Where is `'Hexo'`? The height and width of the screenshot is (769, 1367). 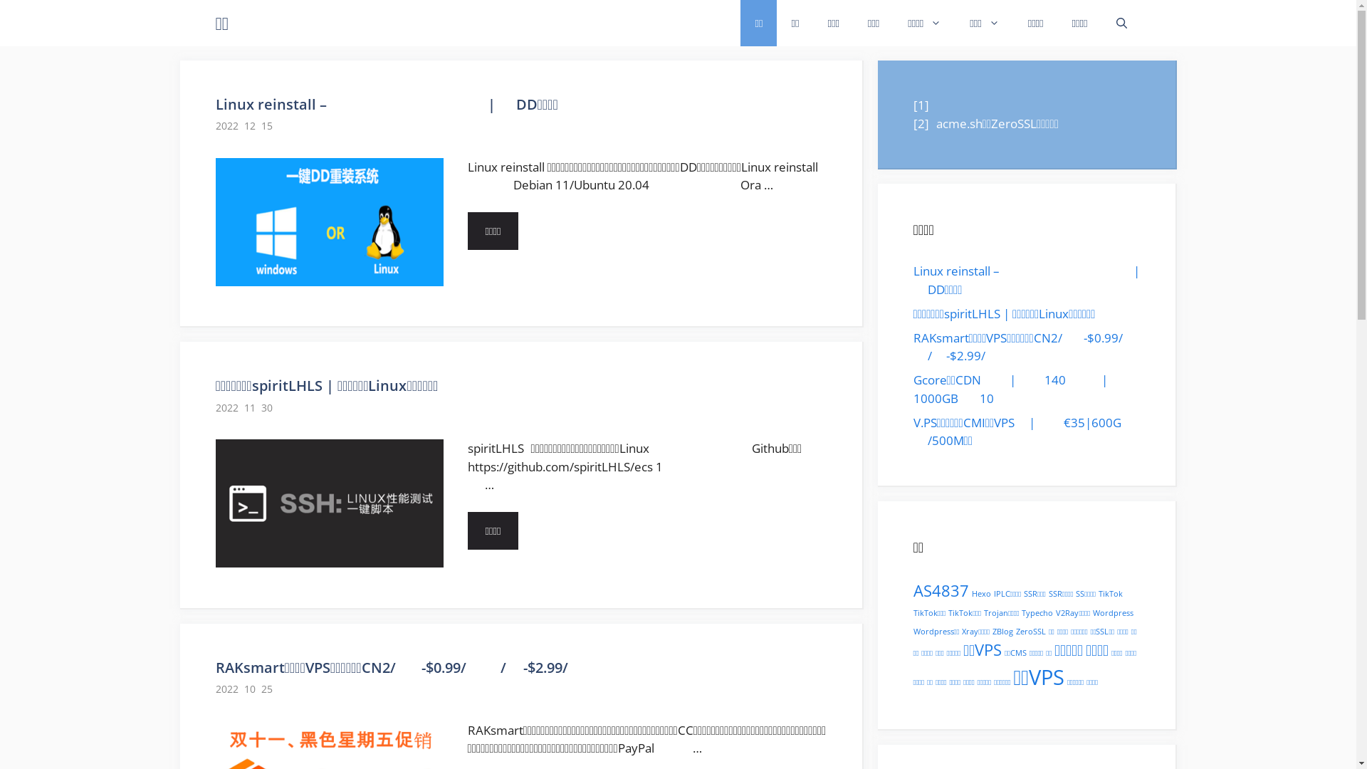 'Hexo' is located at coordinates (970, 593).